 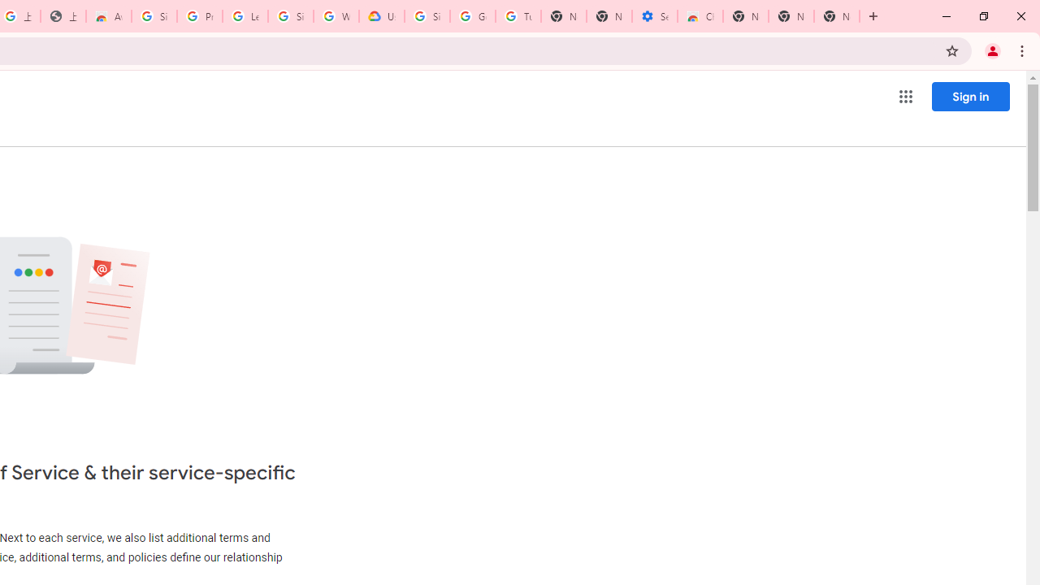 What do you see at coordinates (336, 16) in the screenshot?
I see `'Who are Google'` at bounding box center [336, 16].